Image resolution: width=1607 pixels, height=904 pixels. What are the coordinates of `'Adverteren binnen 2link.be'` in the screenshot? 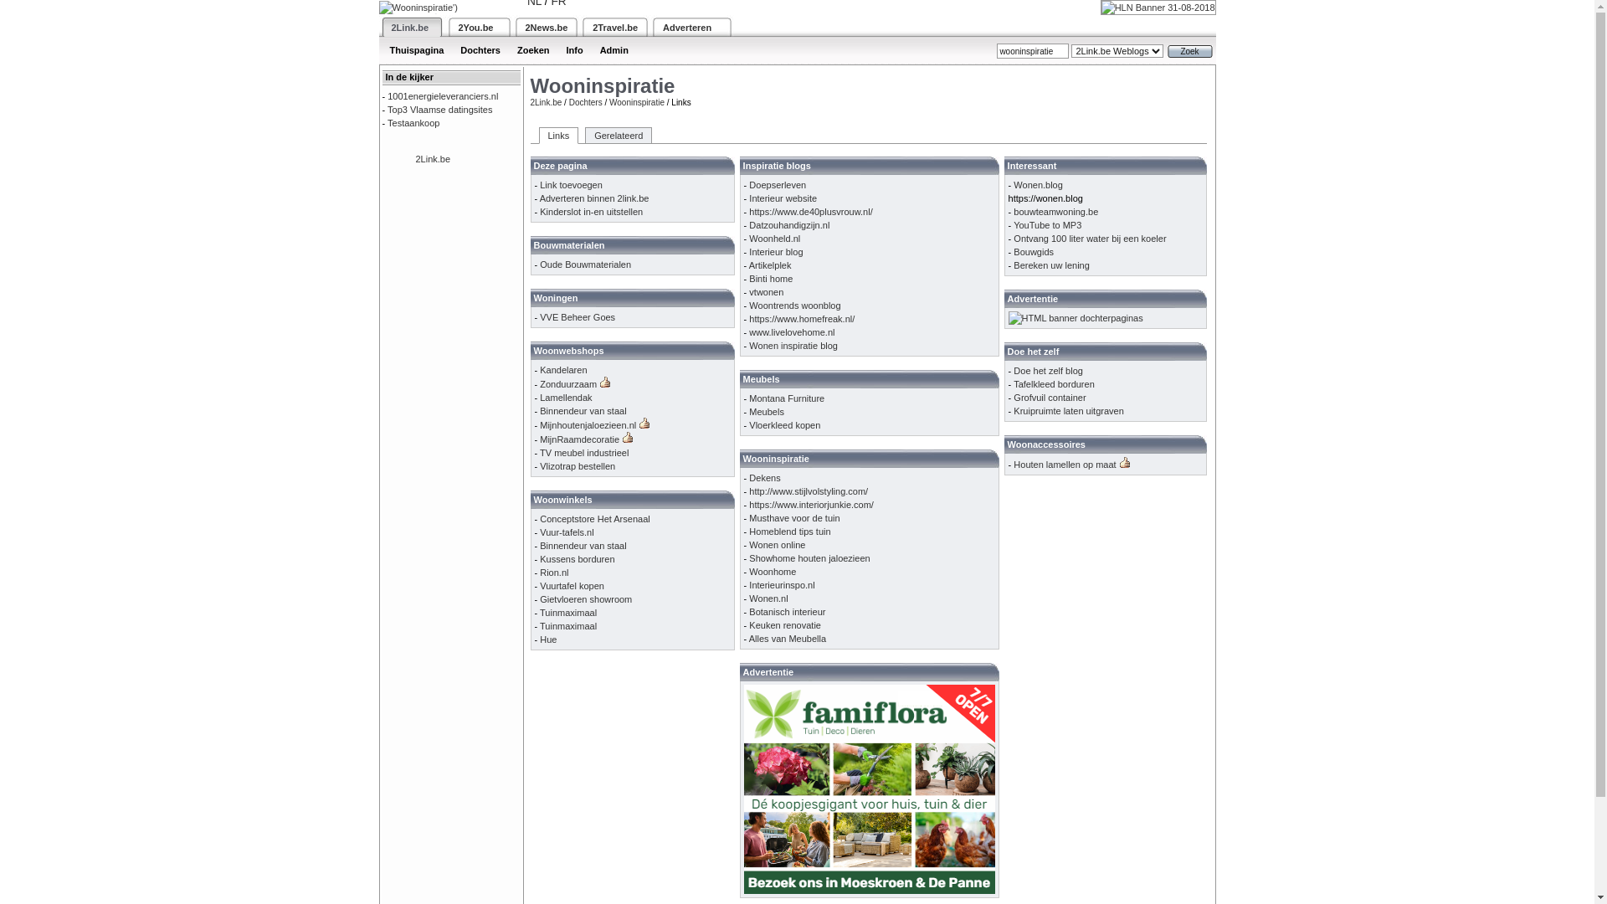 It's located at (539, 197).